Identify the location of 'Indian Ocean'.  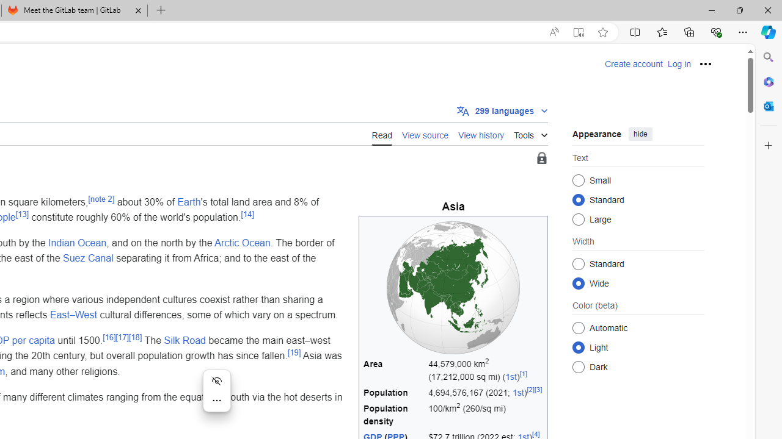
(77, 242).